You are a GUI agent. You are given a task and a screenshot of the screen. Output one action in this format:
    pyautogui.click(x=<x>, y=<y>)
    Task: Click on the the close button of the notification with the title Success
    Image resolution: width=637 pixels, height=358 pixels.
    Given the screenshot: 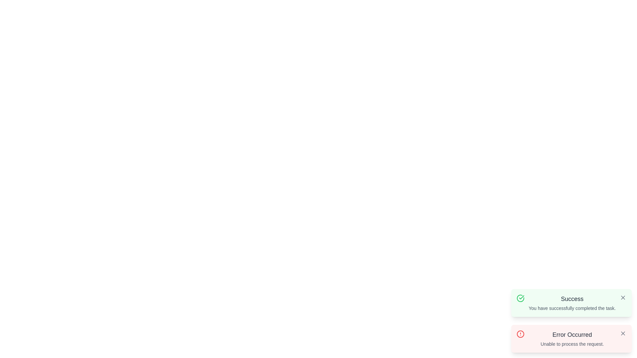 What is the action you would take?
    pyautogui.click(x=622, y=297)
    